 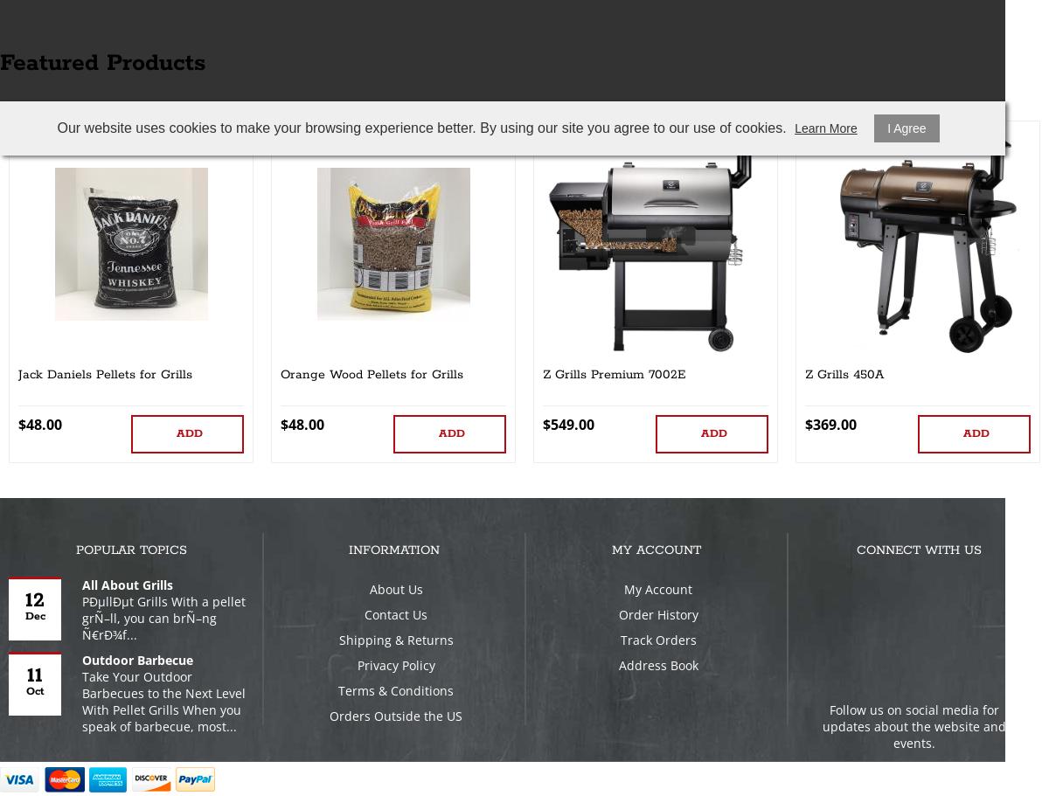 I want to click on 'Featured Products', so click(x=102, y=63).